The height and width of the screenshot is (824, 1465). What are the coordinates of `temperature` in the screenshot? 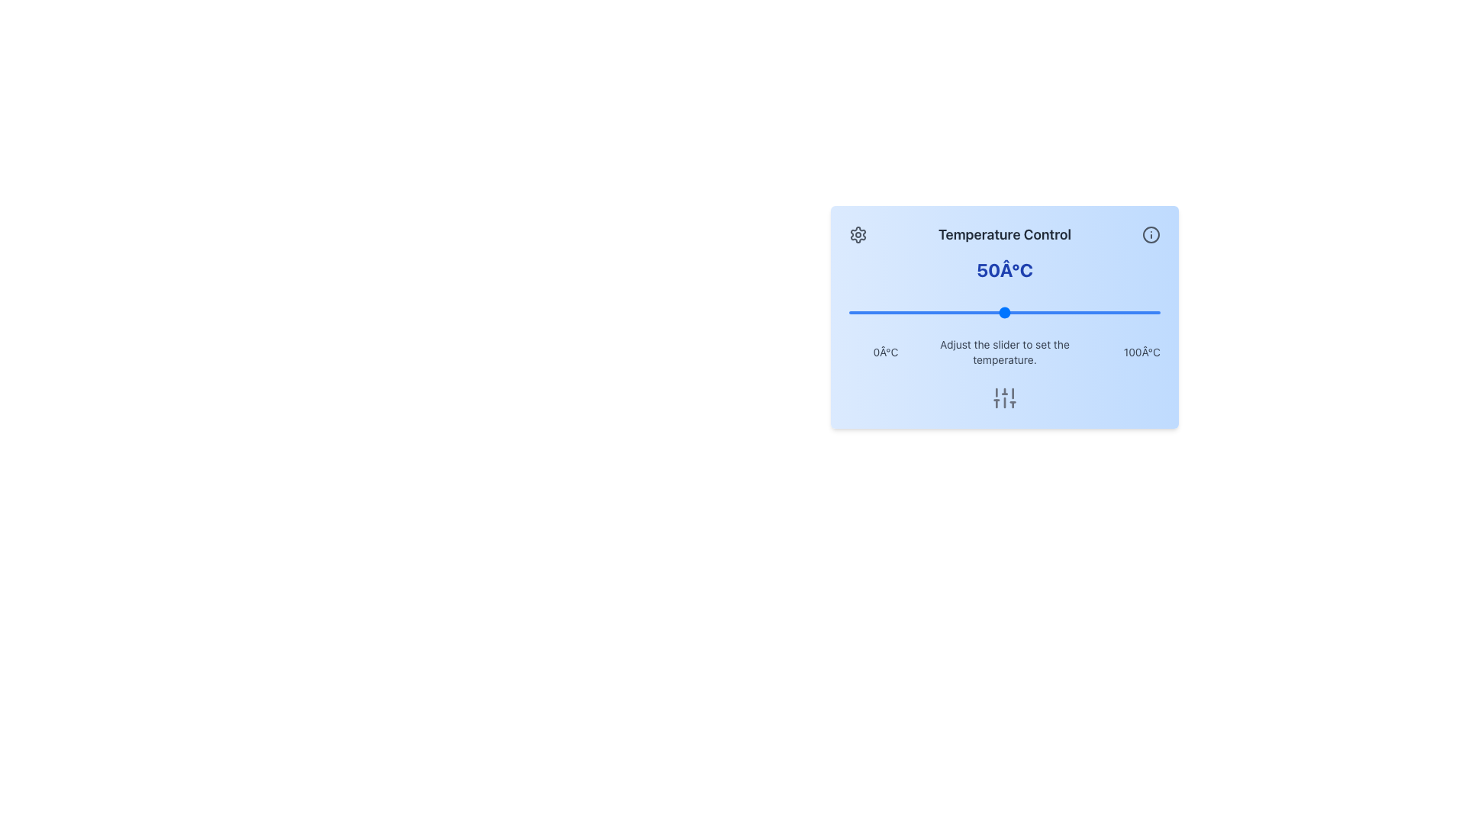 It's located at (963, 311).